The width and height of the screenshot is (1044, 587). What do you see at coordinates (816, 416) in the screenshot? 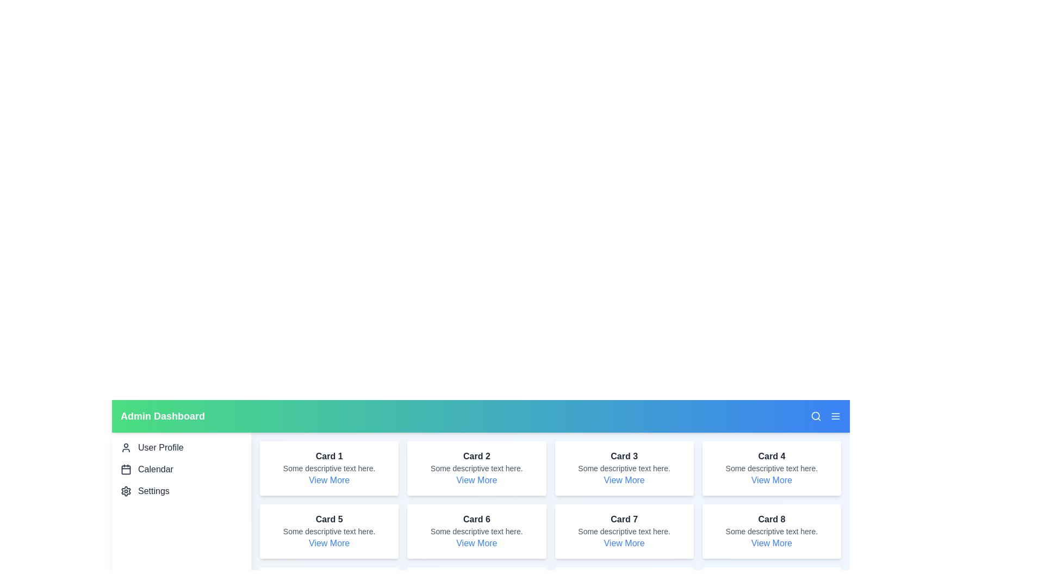
I see `the search button located at the top-right corner of the app bar` at bounding box center [816, 416].